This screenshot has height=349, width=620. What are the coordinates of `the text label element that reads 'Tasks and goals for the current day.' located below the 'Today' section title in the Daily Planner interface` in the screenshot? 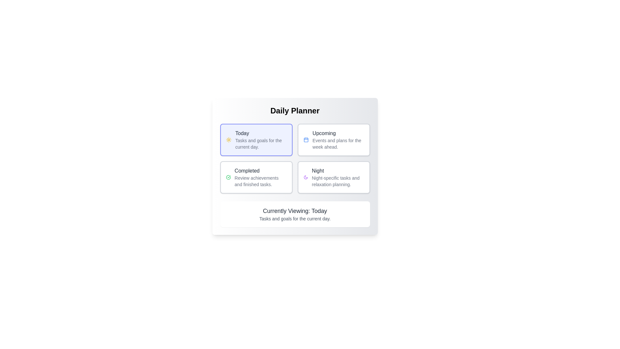 It's located at (261, 143).